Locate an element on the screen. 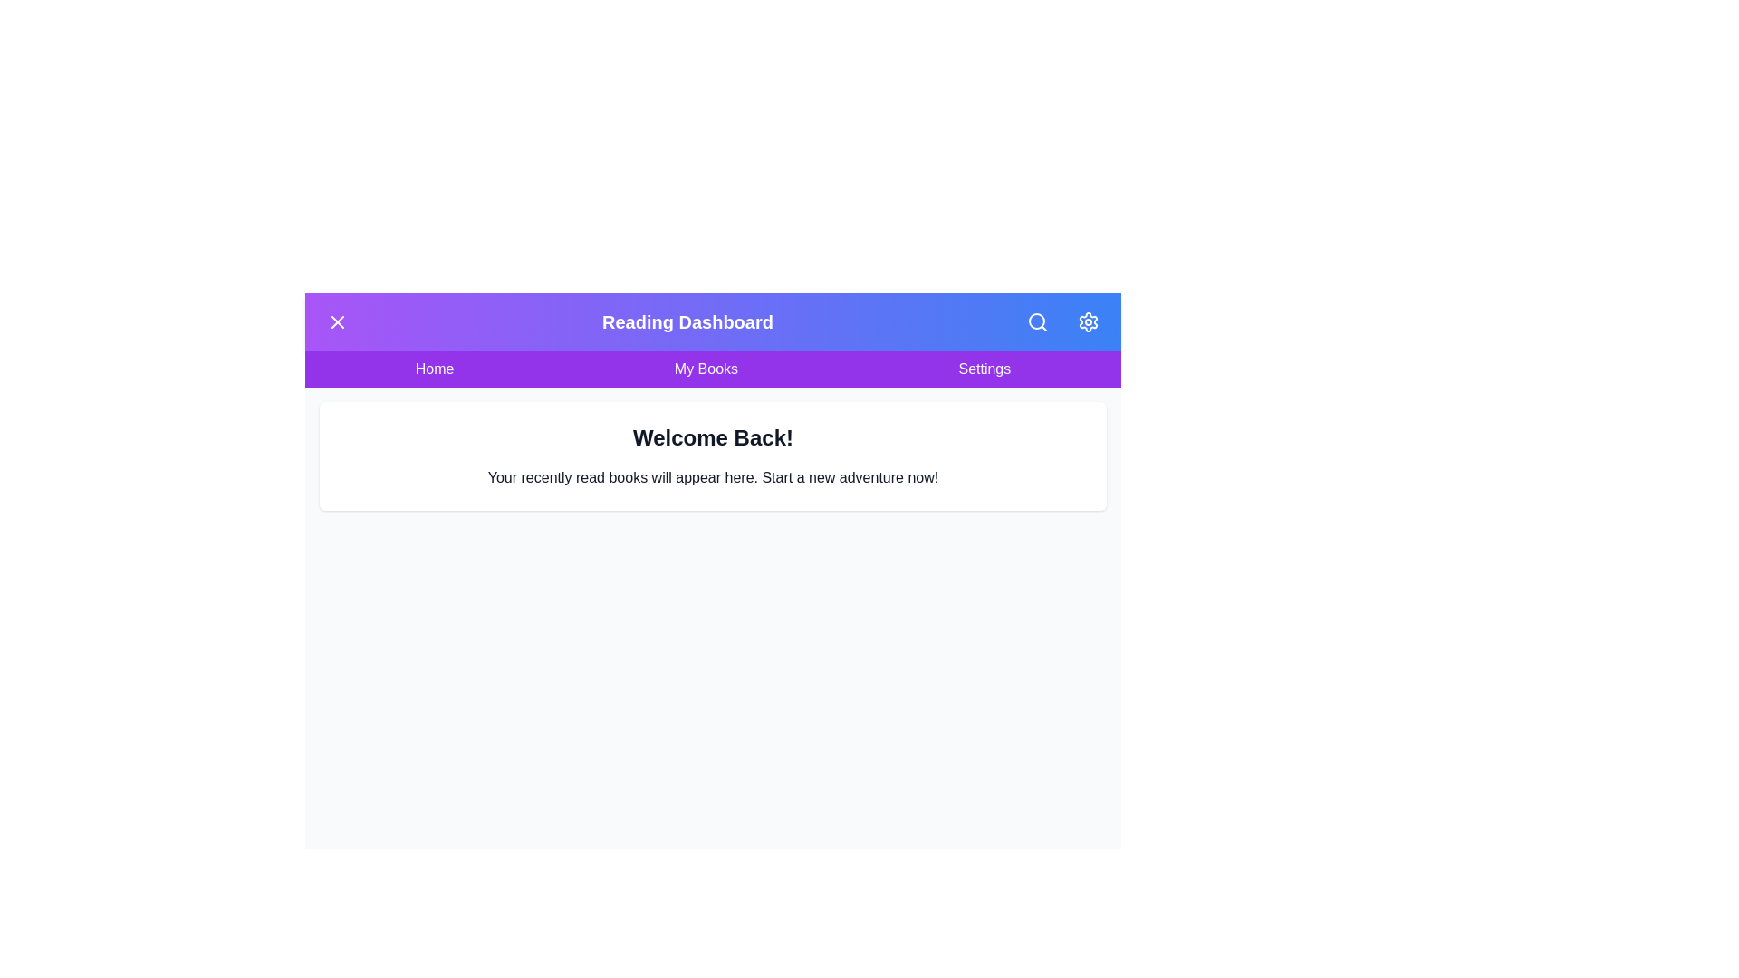 This screenshot has height=978, width=1739. the navigation link My Books to navigate to the respective section is located at coordinates (704, 369).